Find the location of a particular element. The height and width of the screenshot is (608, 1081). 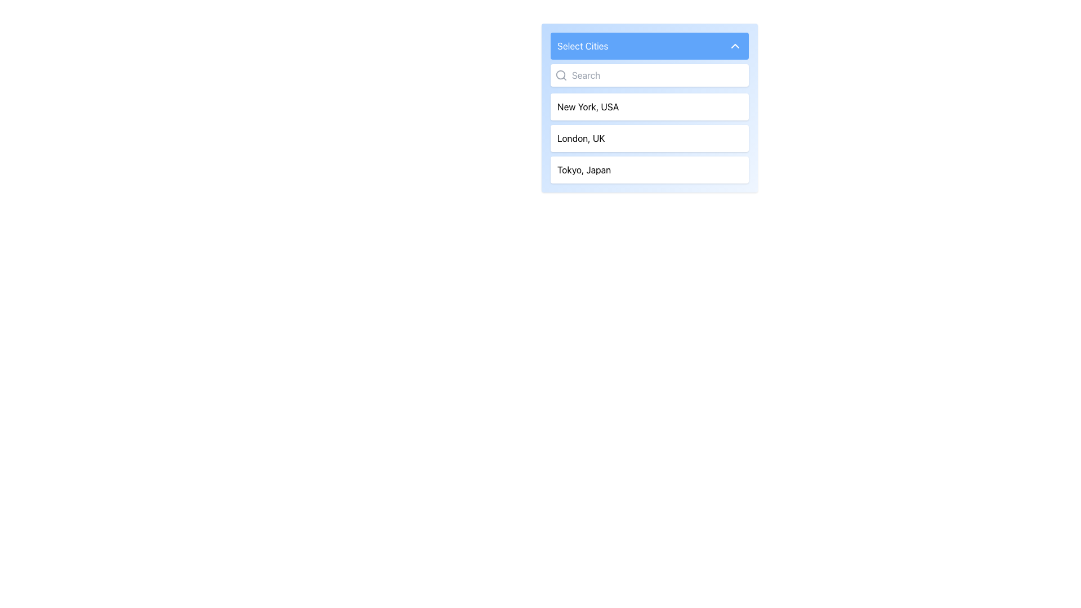

the second item in the dropdown list, which is 'London, UK' is located at coordinates (649, 138).